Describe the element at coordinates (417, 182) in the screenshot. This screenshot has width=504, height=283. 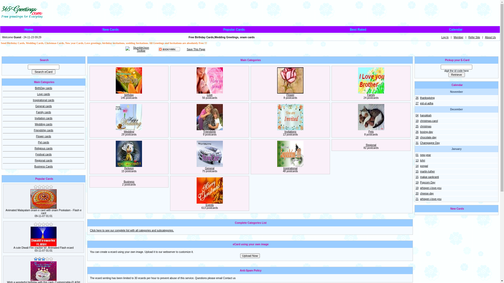
I see `'19'` at that location.